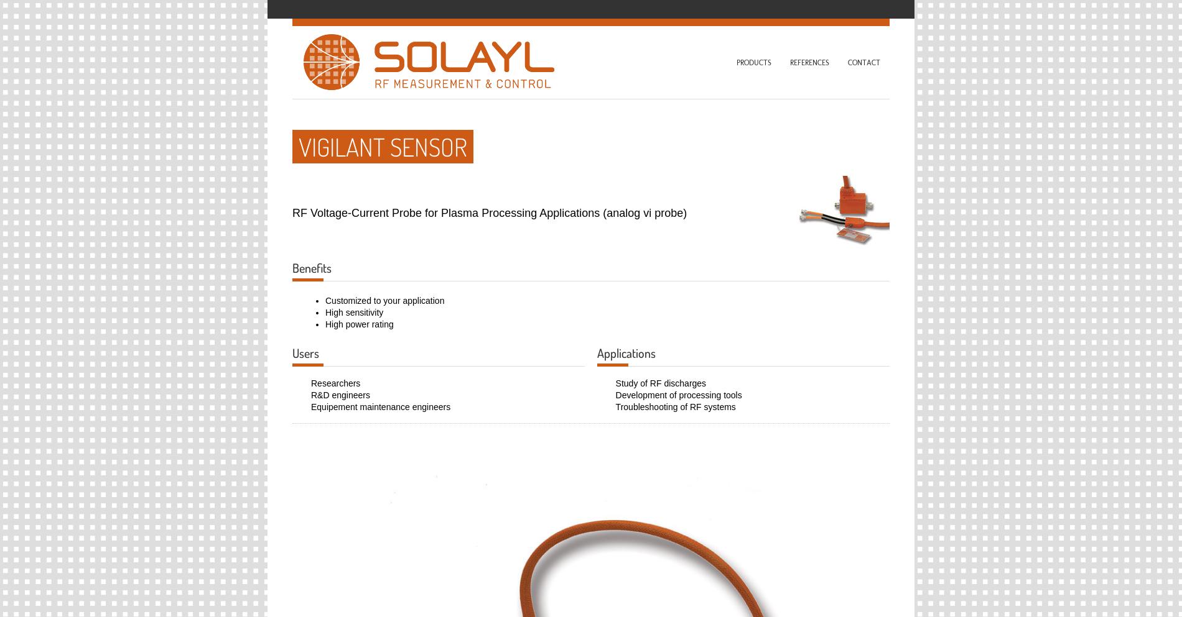 The height and width of the screenshot is (617, 1182). Describe the element at coordinates (335, 382) in the screenshot. I see `'Researchers'` at that location.